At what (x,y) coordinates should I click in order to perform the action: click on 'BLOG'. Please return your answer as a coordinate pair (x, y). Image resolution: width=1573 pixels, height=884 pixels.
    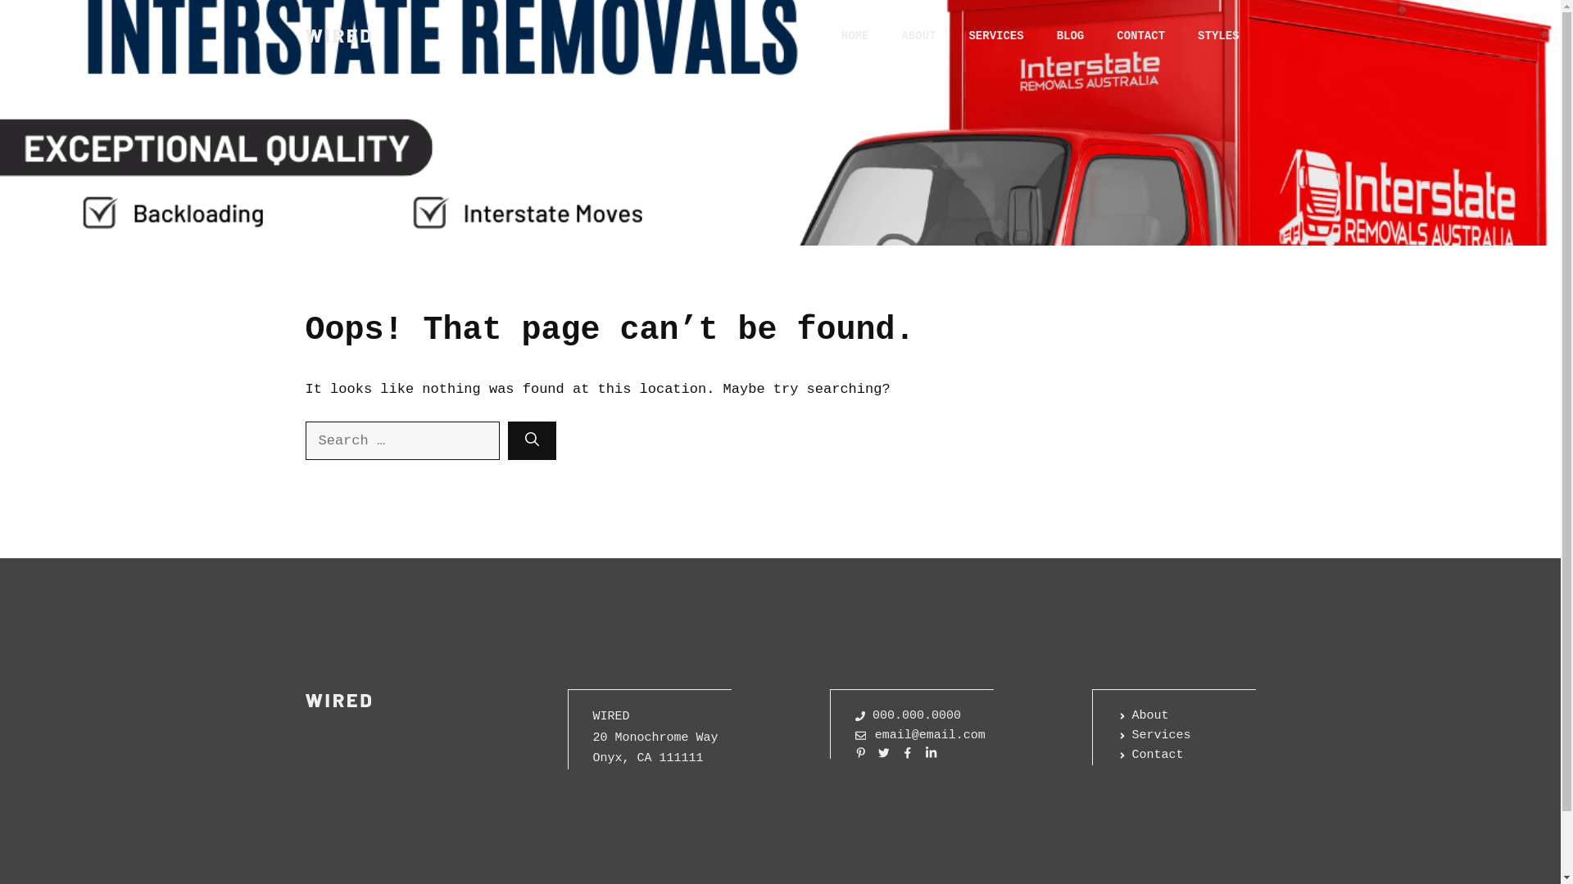
    Looking at the image, I should click on (1040, 35).